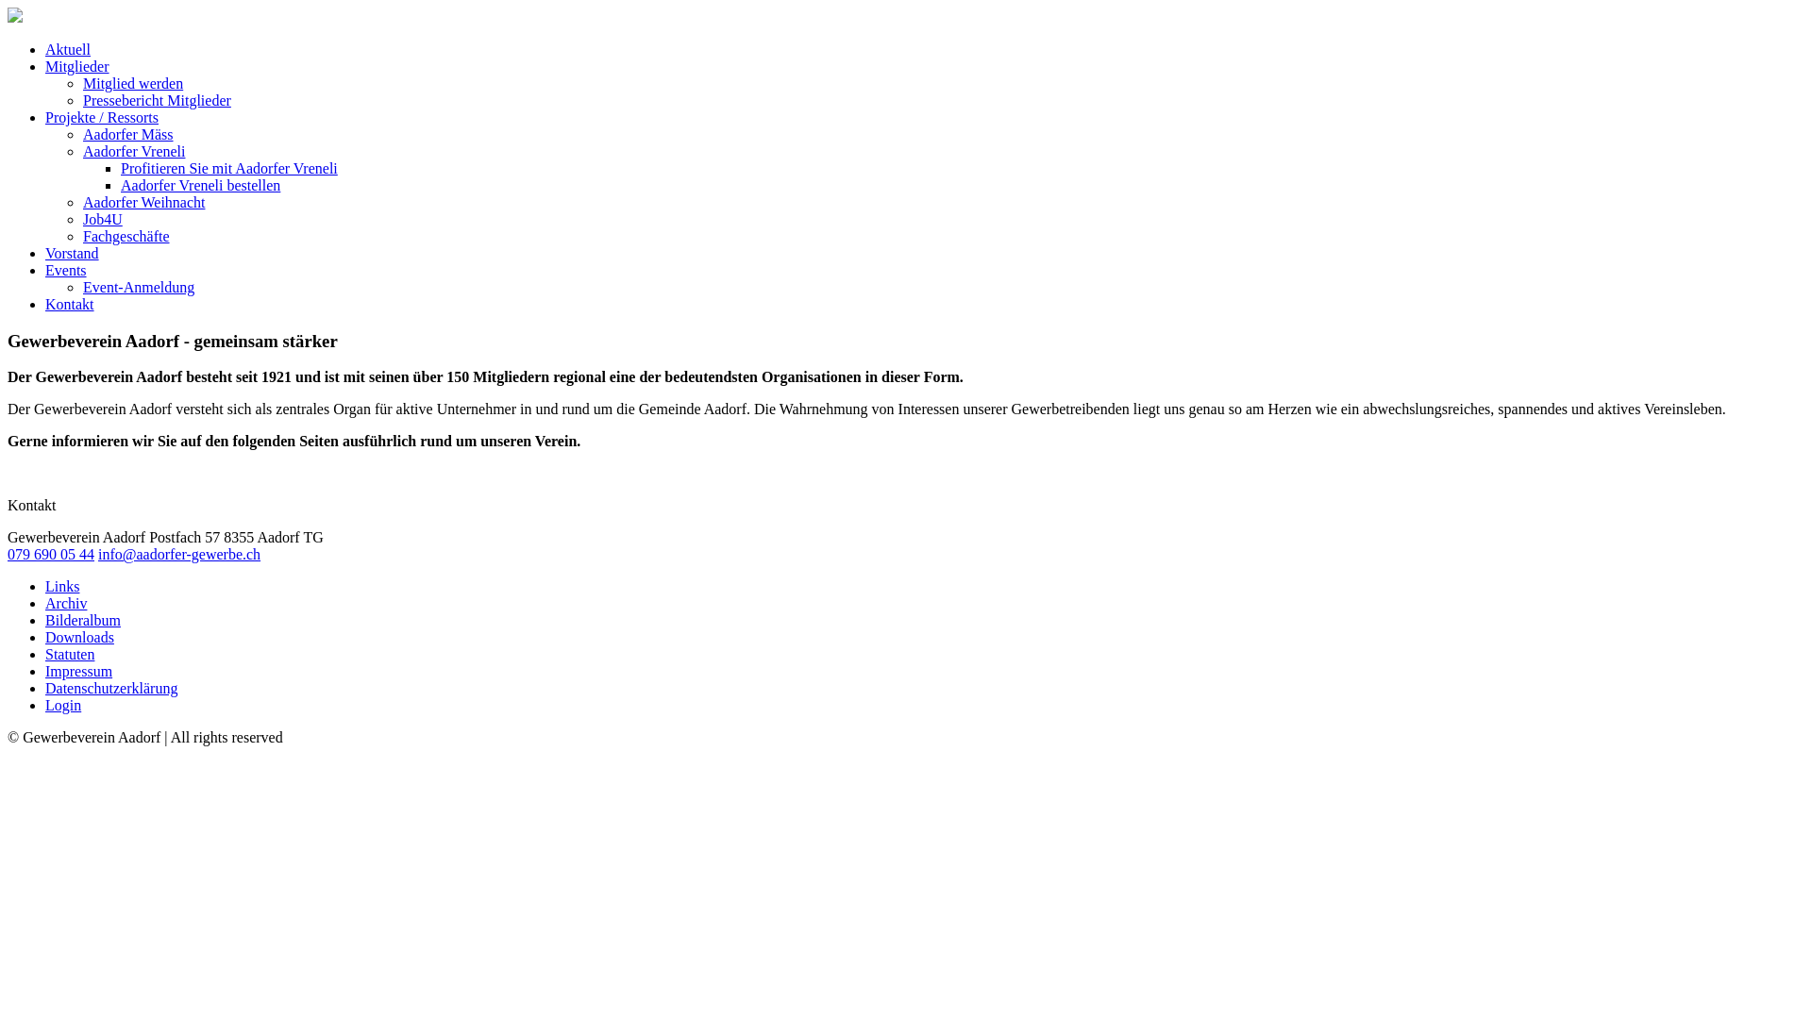 This screenshot has height=1019, width=1812. What do you see at coordinates (68, 48) in the screenshot?
I see `'Aktuell'` at bounding box center [68, 48].